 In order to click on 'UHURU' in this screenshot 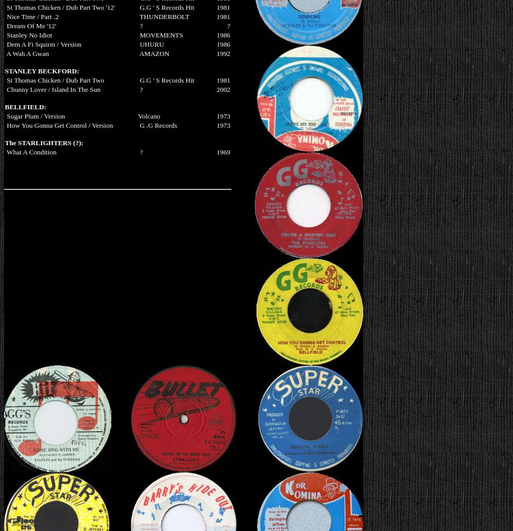, I will do `click(151, 44)`.